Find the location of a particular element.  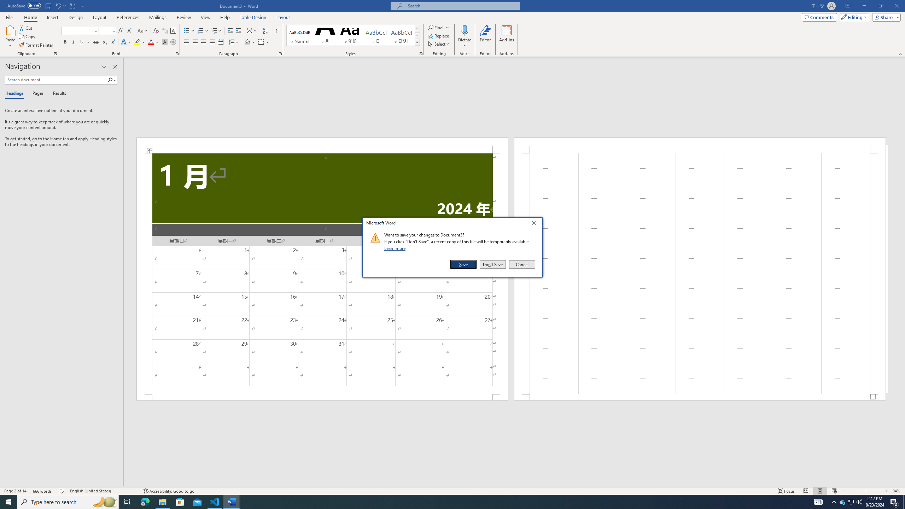

'Row Down' is located at coordinates (417, 35).